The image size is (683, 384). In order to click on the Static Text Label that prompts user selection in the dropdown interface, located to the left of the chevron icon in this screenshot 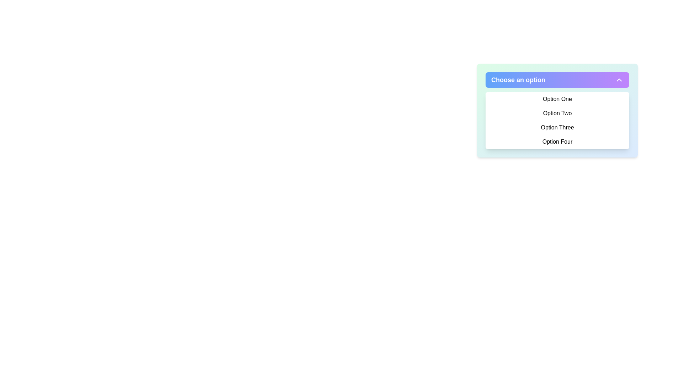, I will do `click(518, 80)`.